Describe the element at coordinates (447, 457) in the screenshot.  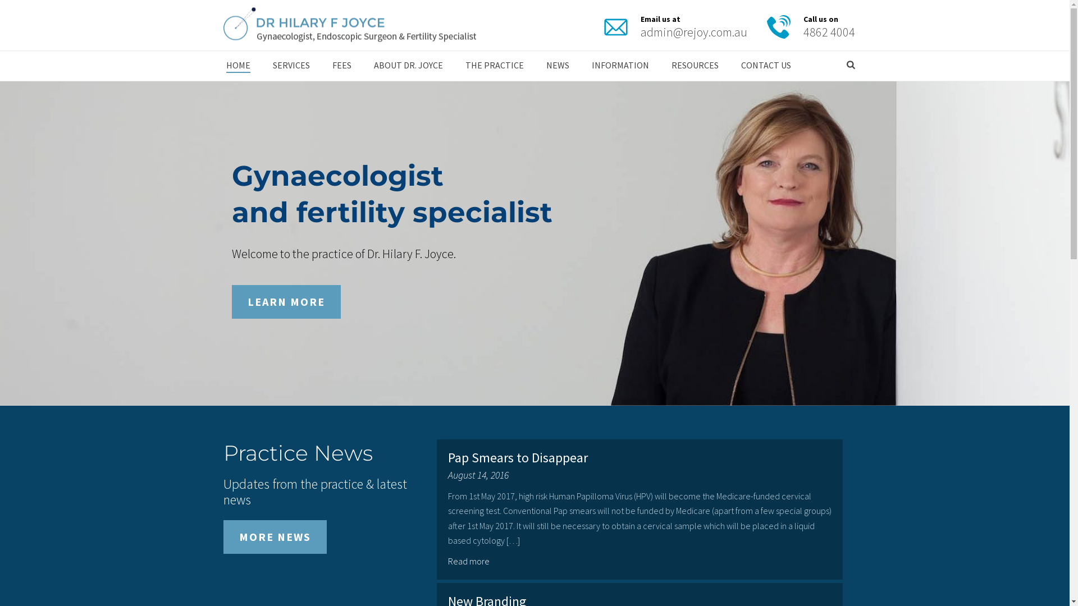
I see `'Pap Smears to Disappear'` at that location.